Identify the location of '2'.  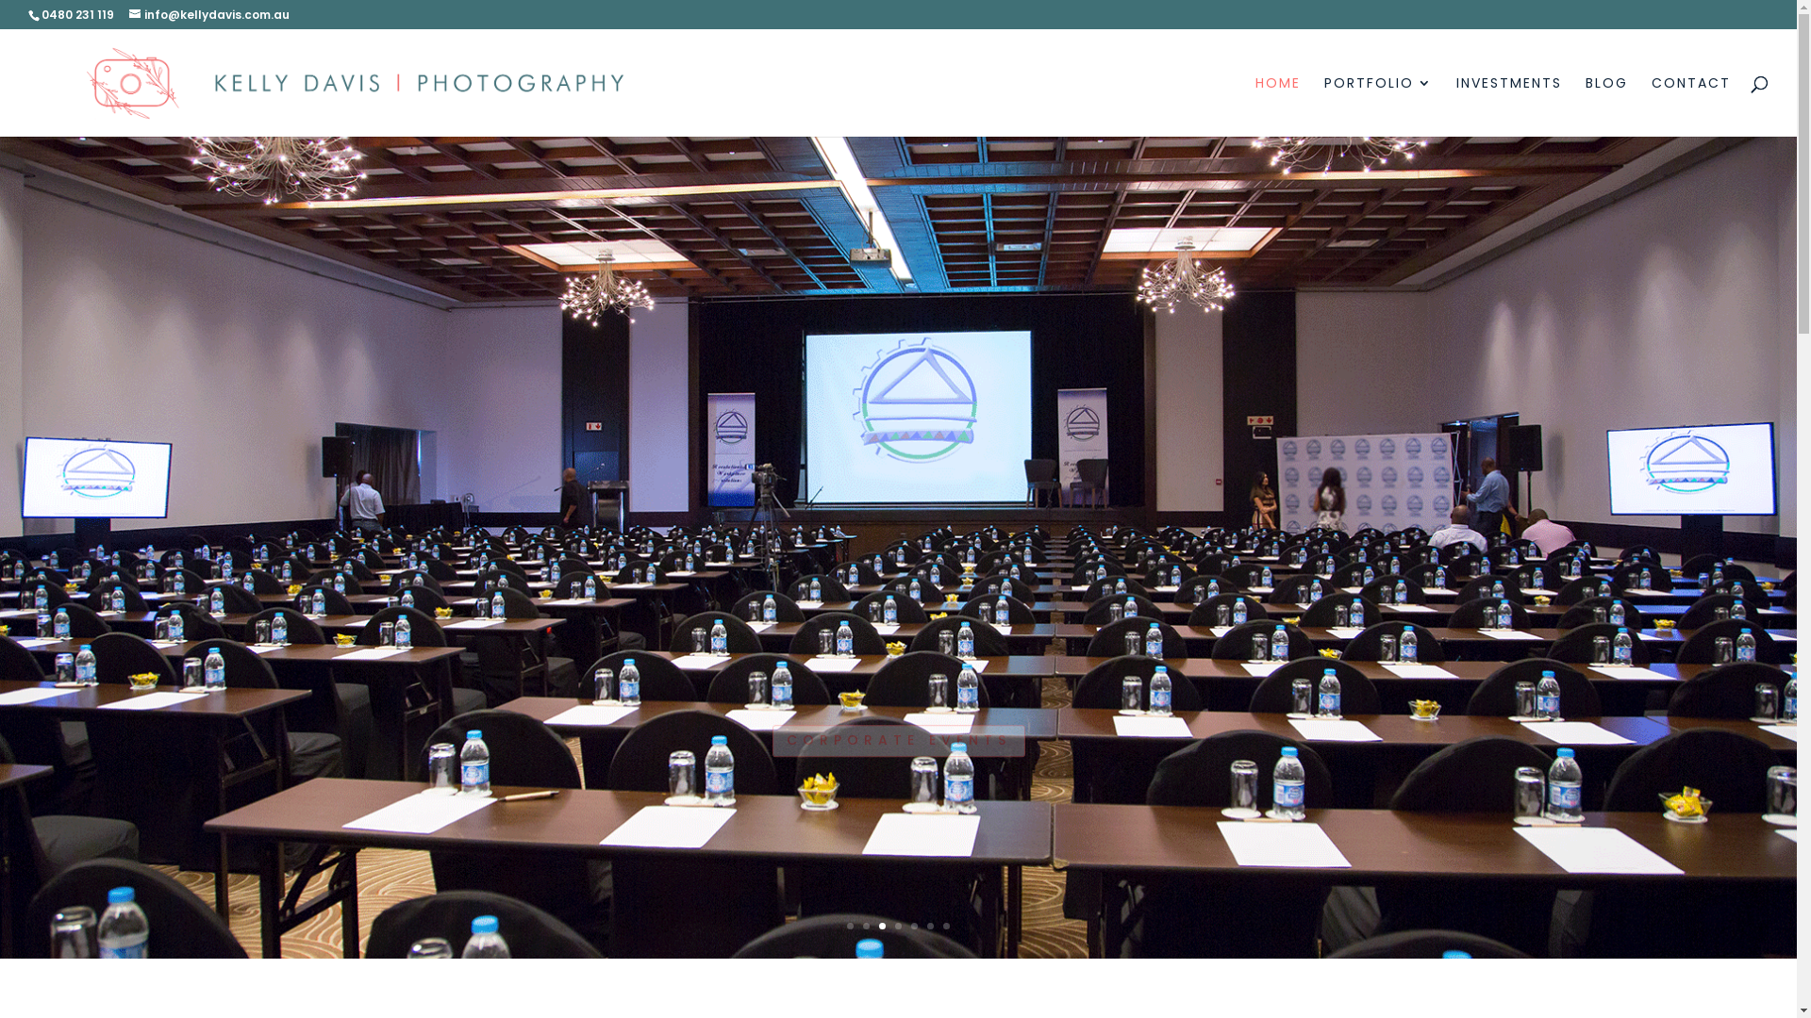
(865, 925).